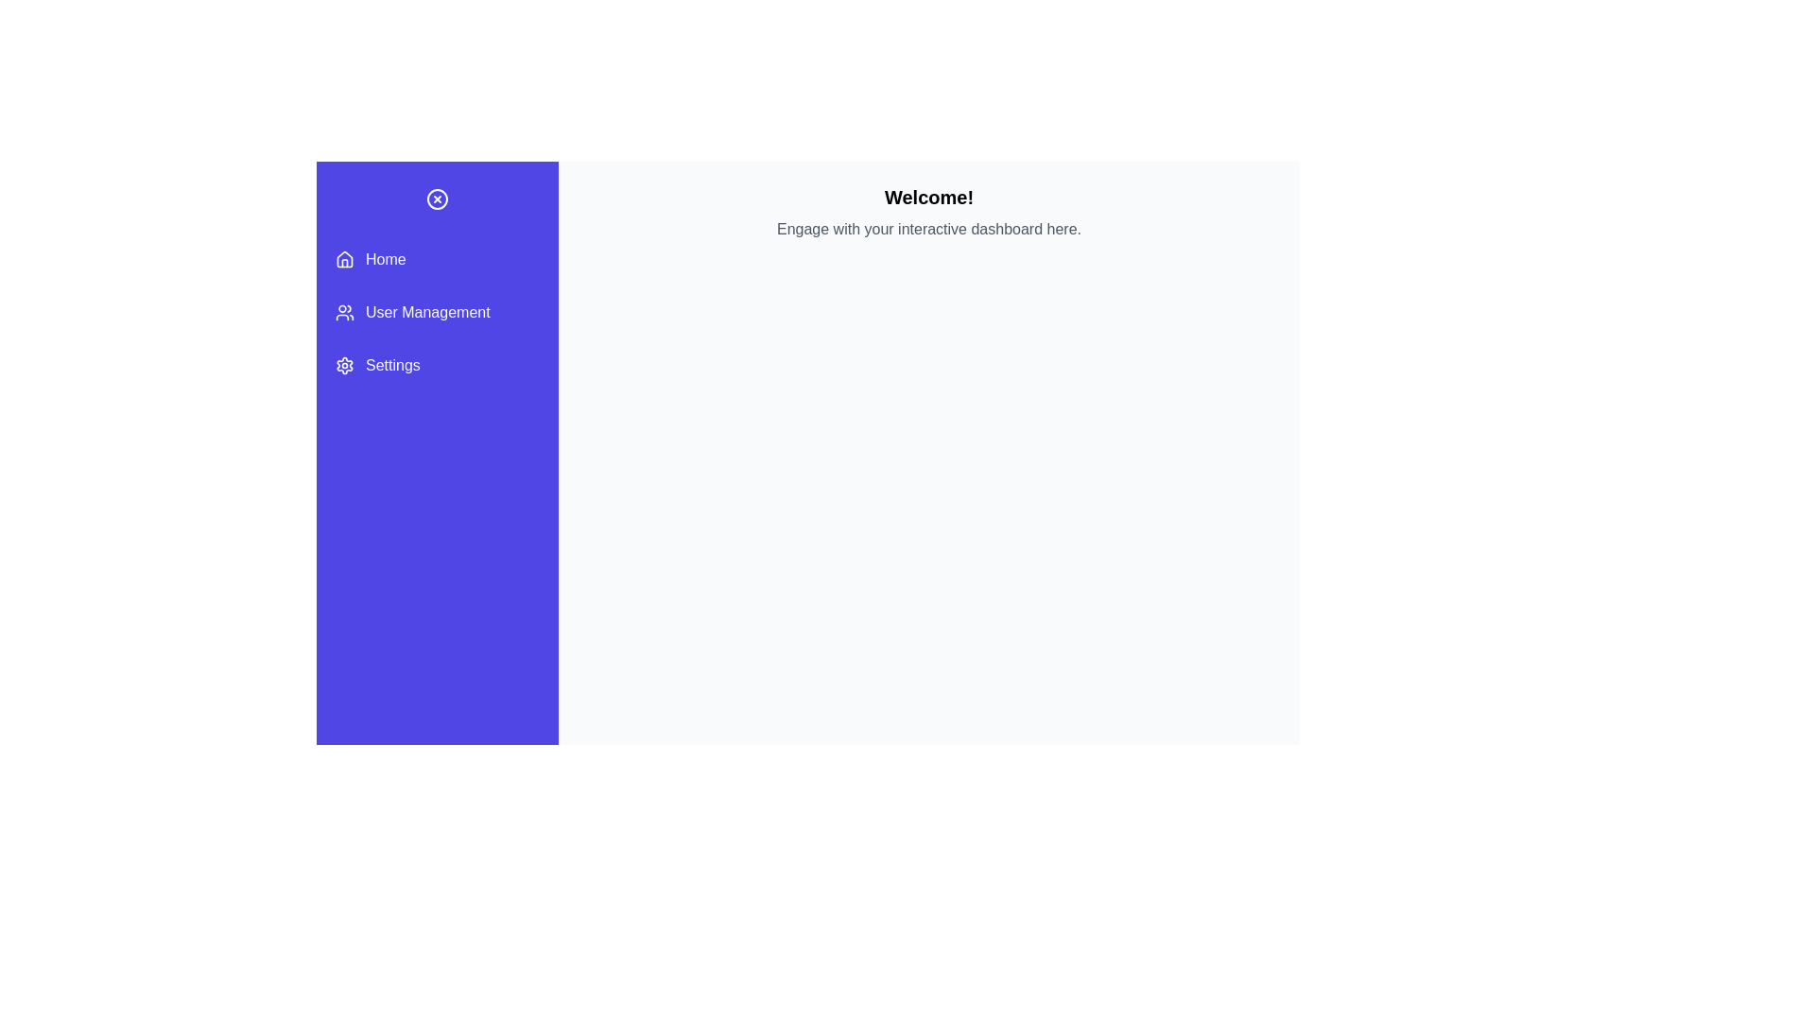  I want to click on the button at the top-left corner of the drawer to toggle its state, so click(436, 199).